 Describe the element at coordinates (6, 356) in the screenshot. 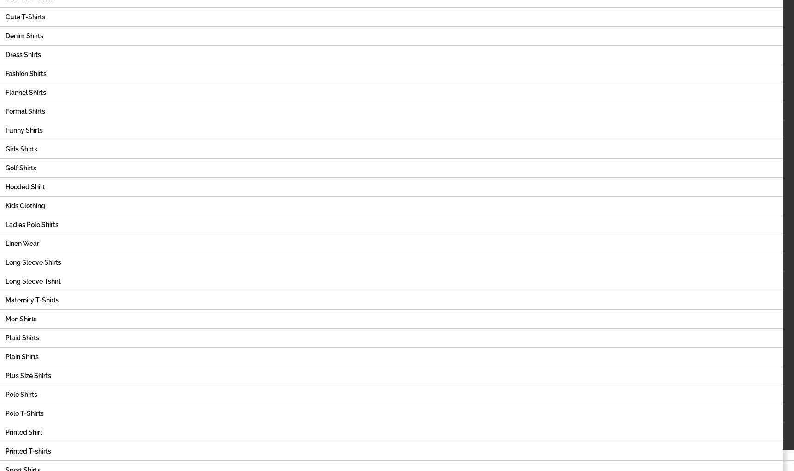

I see `'Plain Shirts'` at that location.